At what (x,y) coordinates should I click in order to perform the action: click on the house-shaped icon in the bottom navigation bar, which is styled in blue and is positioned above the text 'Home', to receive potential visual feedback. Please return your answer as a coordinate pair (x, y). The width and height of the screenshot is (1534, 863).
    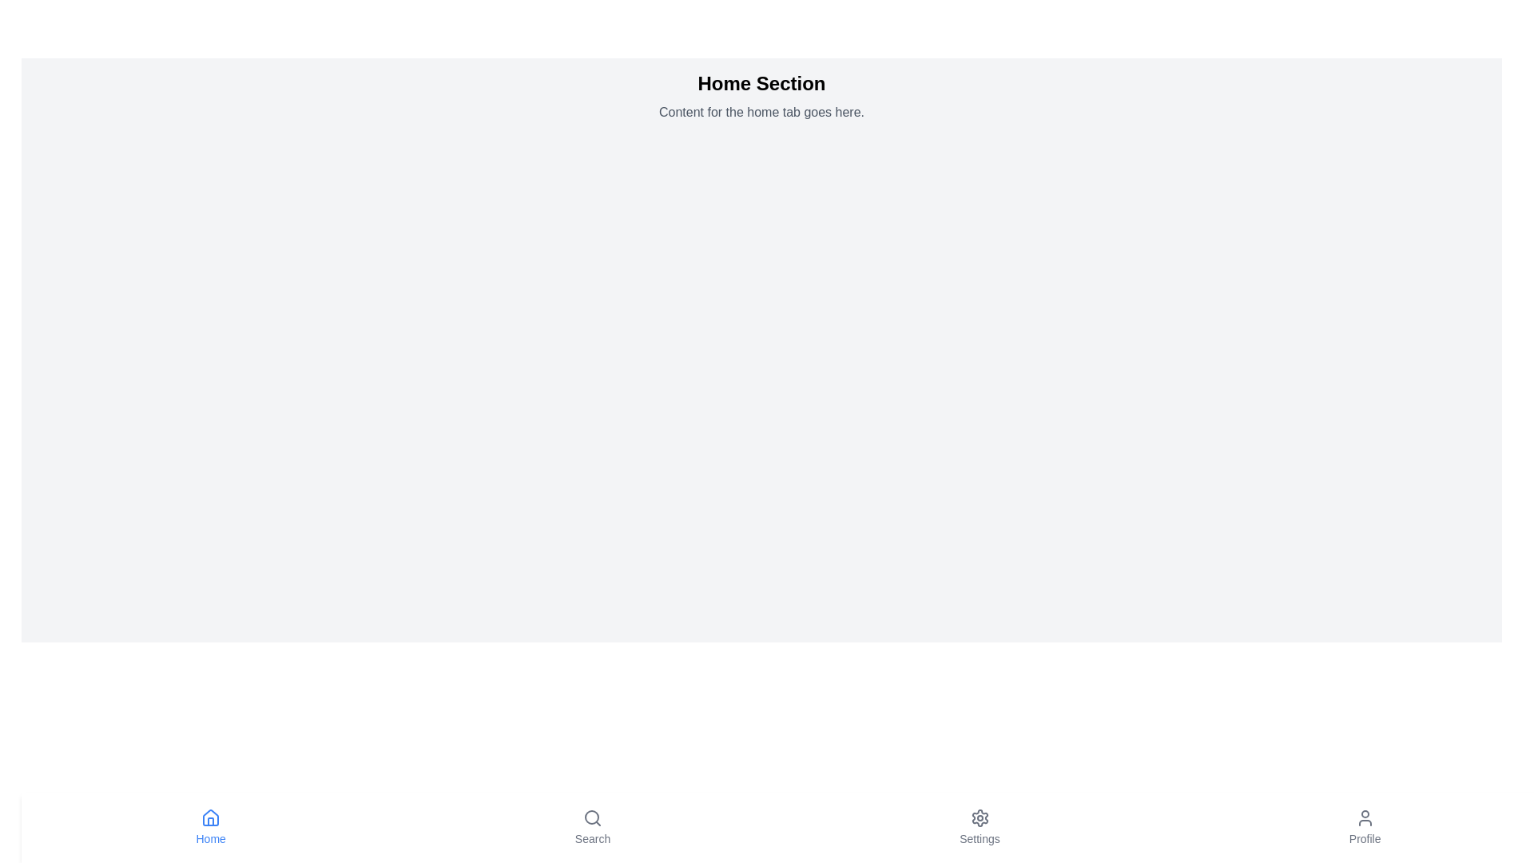
    Looking at the image, I should click on (210, 817).